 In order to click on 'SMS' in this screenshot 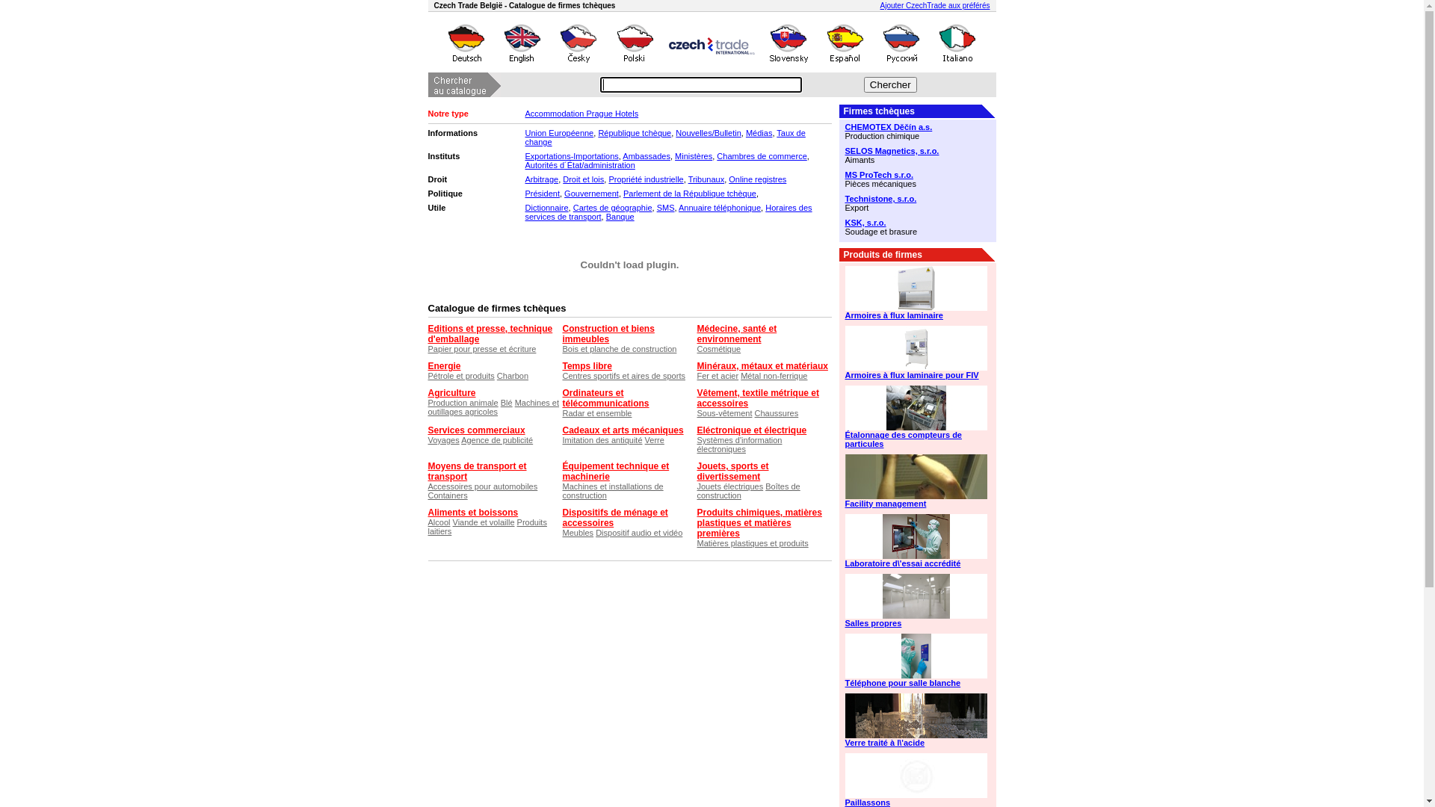, I will do `click(656, 207)`.